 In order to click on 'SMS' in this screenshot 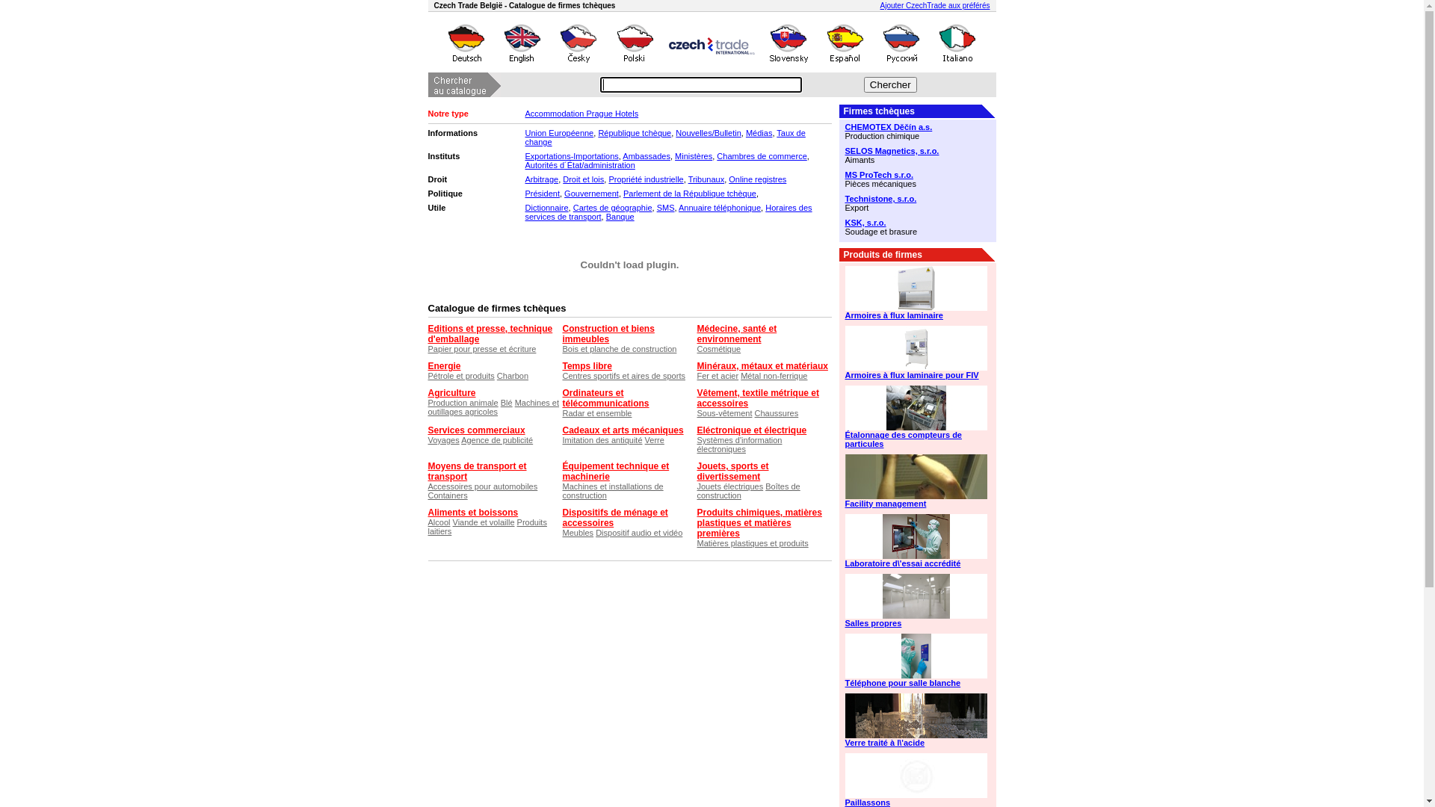, I will do `click(656, 207)`.